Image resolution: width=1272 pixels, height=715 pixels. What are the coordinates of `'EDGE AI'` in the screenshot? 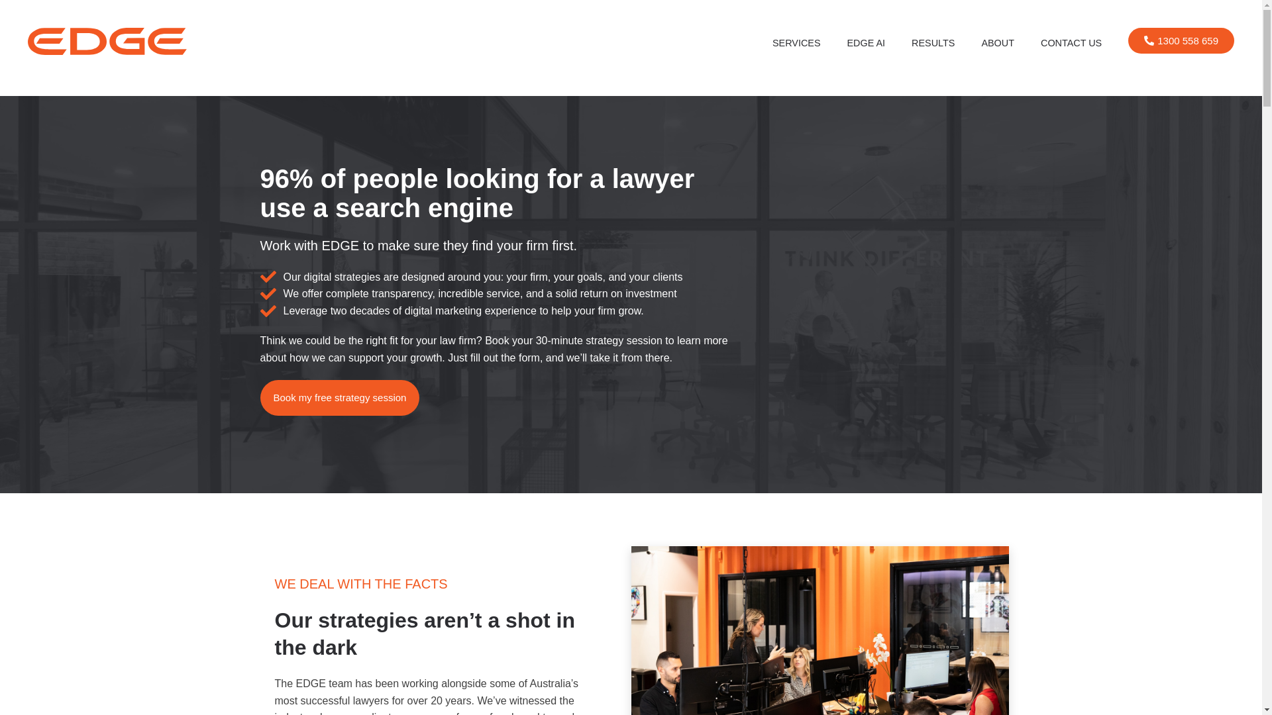 It's located at (867, 42).